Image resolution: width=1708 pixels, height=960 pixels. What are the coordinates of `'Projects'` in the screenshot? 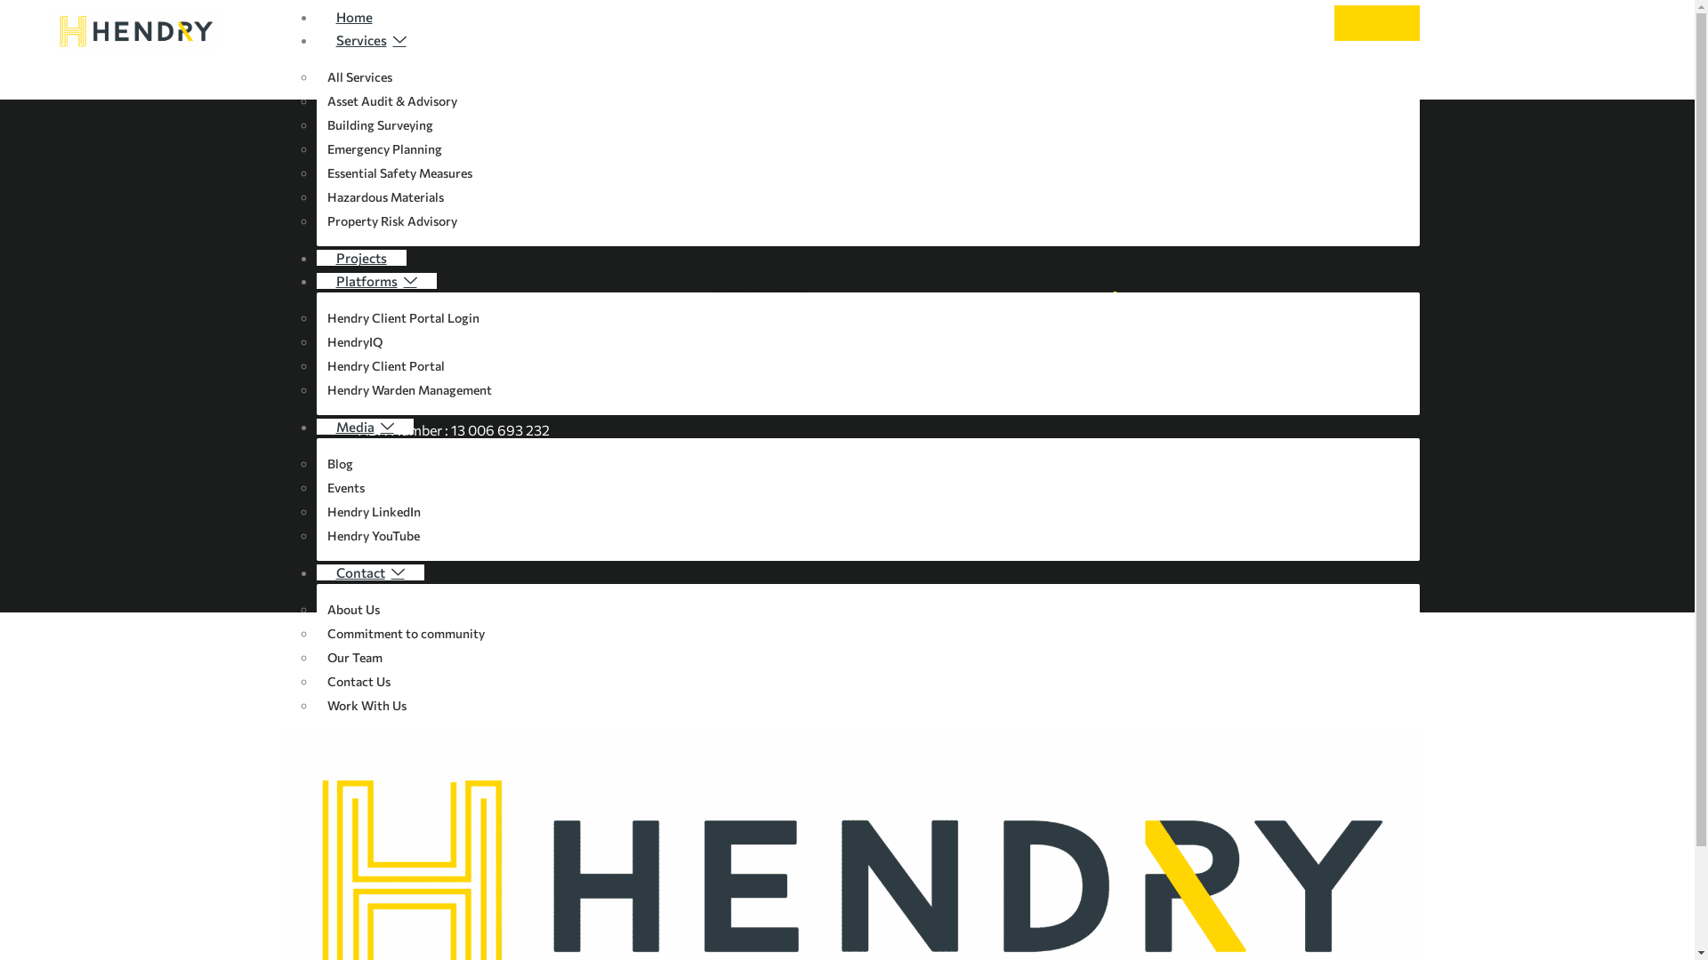 It's located at (360, 257).